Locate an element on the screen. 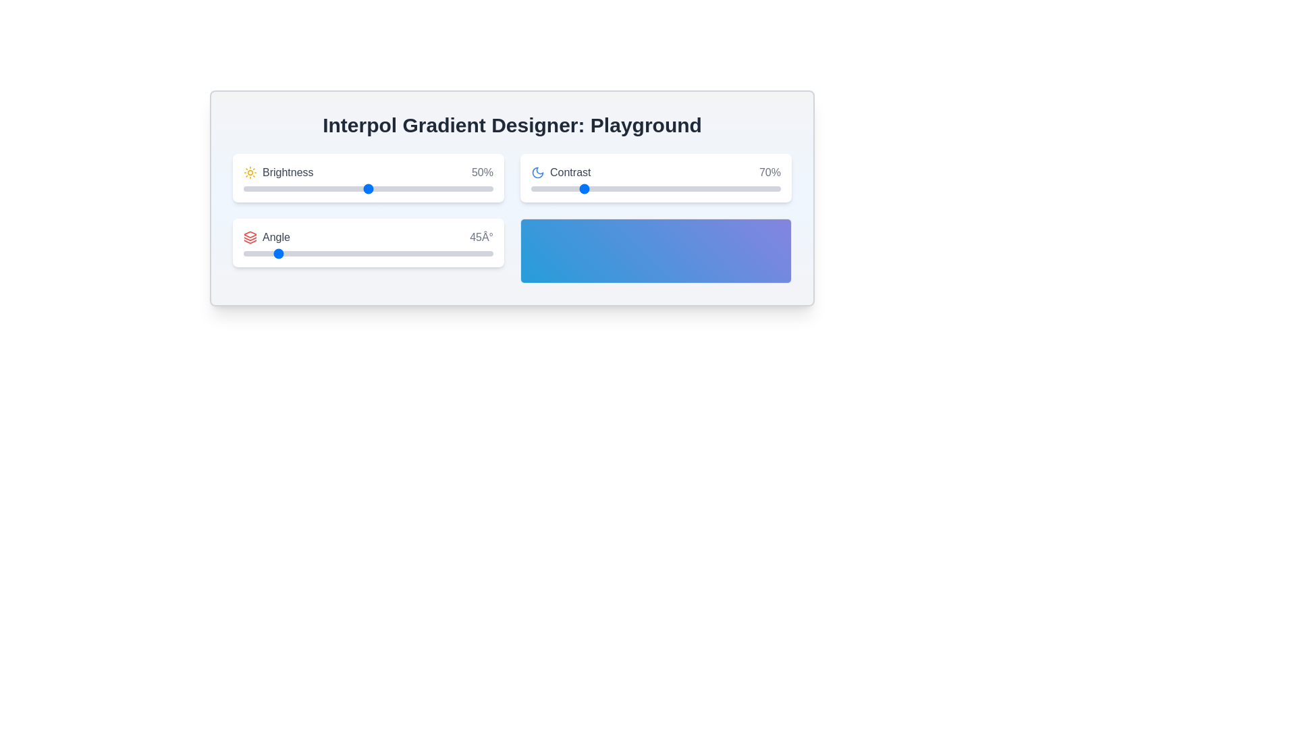  the angle slider is located at coordinates (472, 253).